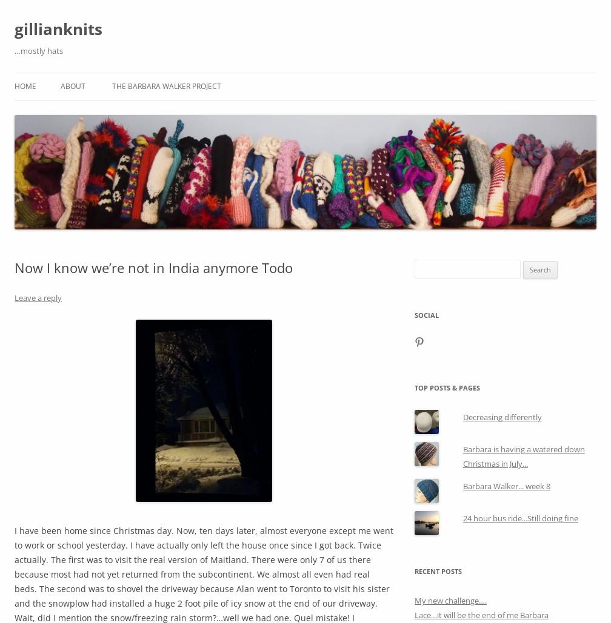  What do you see at coordinates (450, 599) in the screenshot?
I see `'My new challenge….'` at bounding box center [450, 599].